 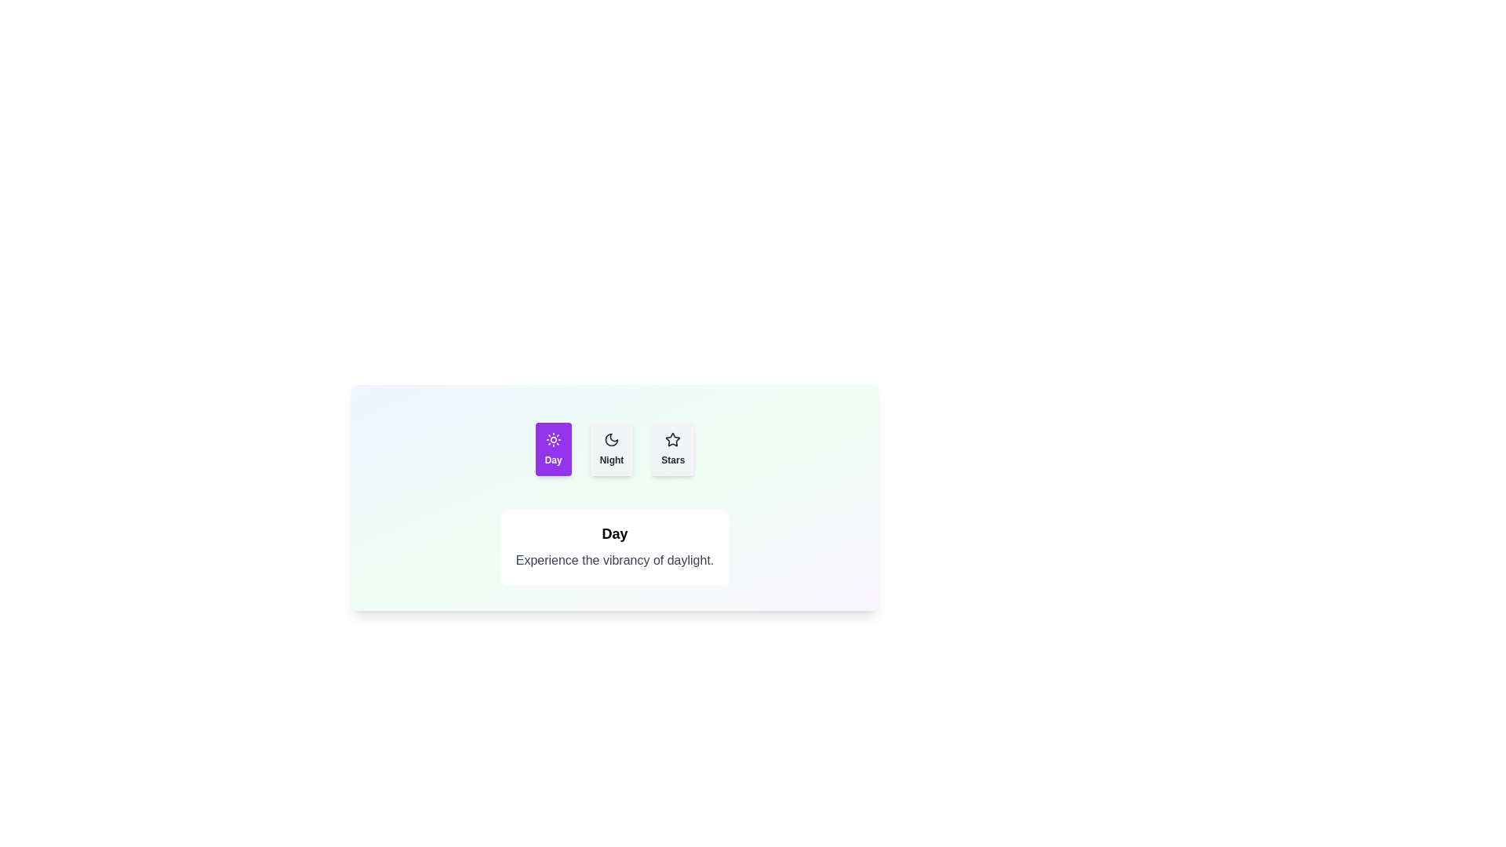 What do you see at coordinates (613, 559) in the screenshot?
I see `the description text of the active tab to select it` at bounding box center [613, 559].